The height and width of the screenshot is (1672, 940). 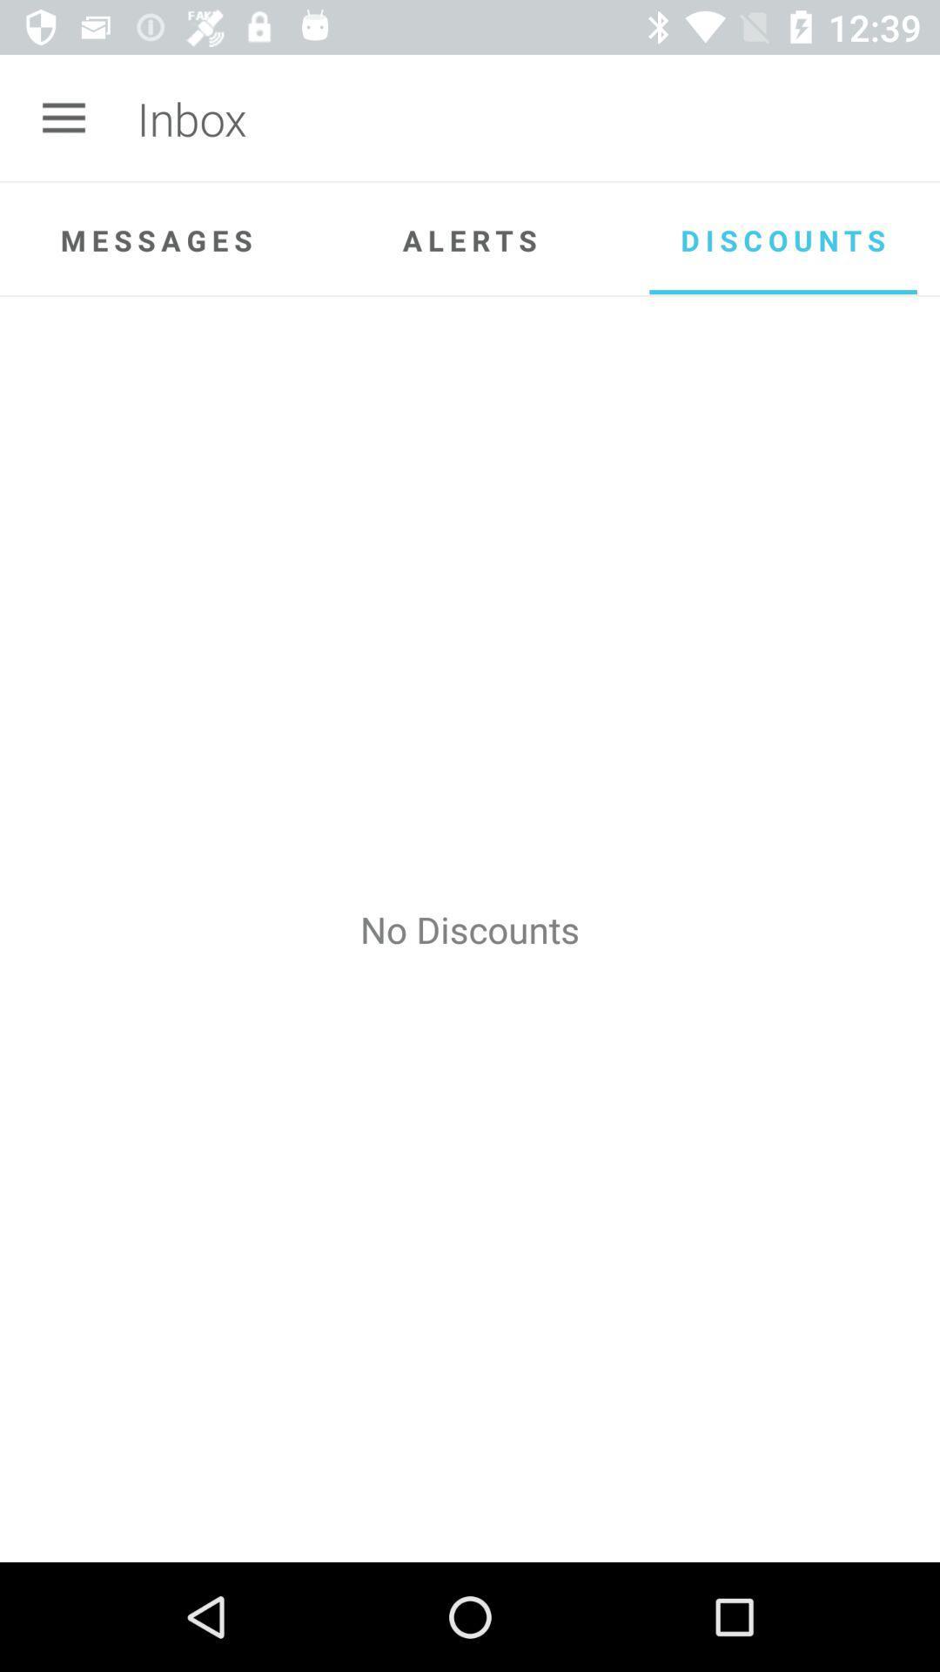 I want to click on icon above messages item, so click(x=63, y=118).